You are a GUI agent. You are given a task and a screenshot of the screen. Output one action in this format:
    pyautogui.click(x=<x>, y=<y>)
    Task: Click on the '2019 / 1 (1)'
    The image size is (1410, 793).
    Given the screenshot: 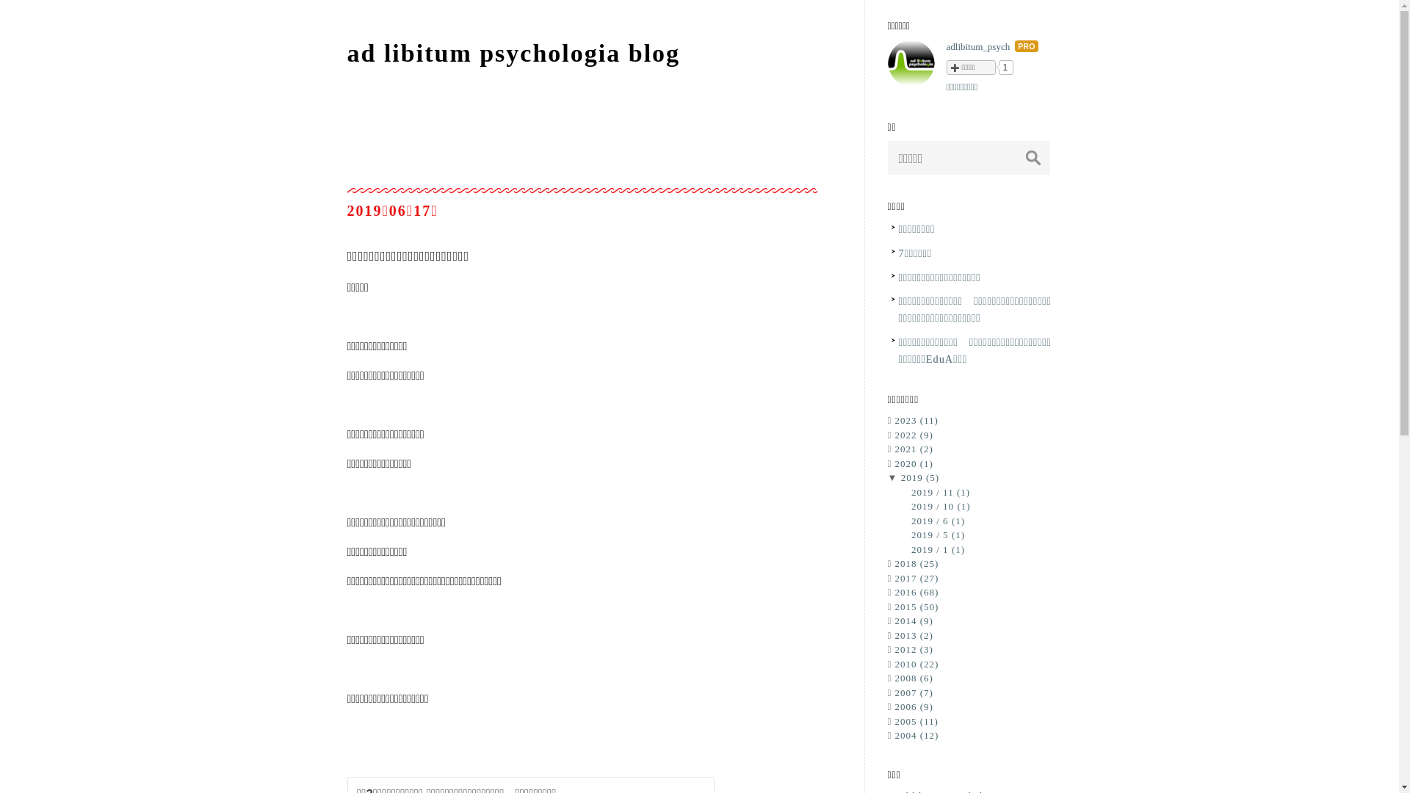 What is the action you would take?
    pyautogui.click(x=937, y=549)
    